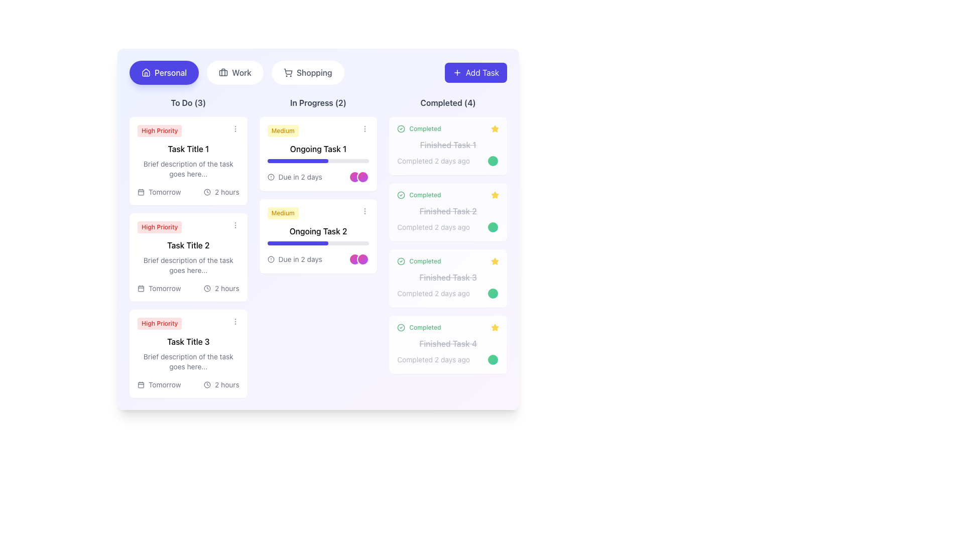  What do you see at coordinates (165, 288) in the screenshot?
I see `text label indicating the due date of the task located in the 'To Do' column under the second task card labeled 'Task Title 2', positioned below the task description and next to the calendar icon` at bounding box center [165, 288].